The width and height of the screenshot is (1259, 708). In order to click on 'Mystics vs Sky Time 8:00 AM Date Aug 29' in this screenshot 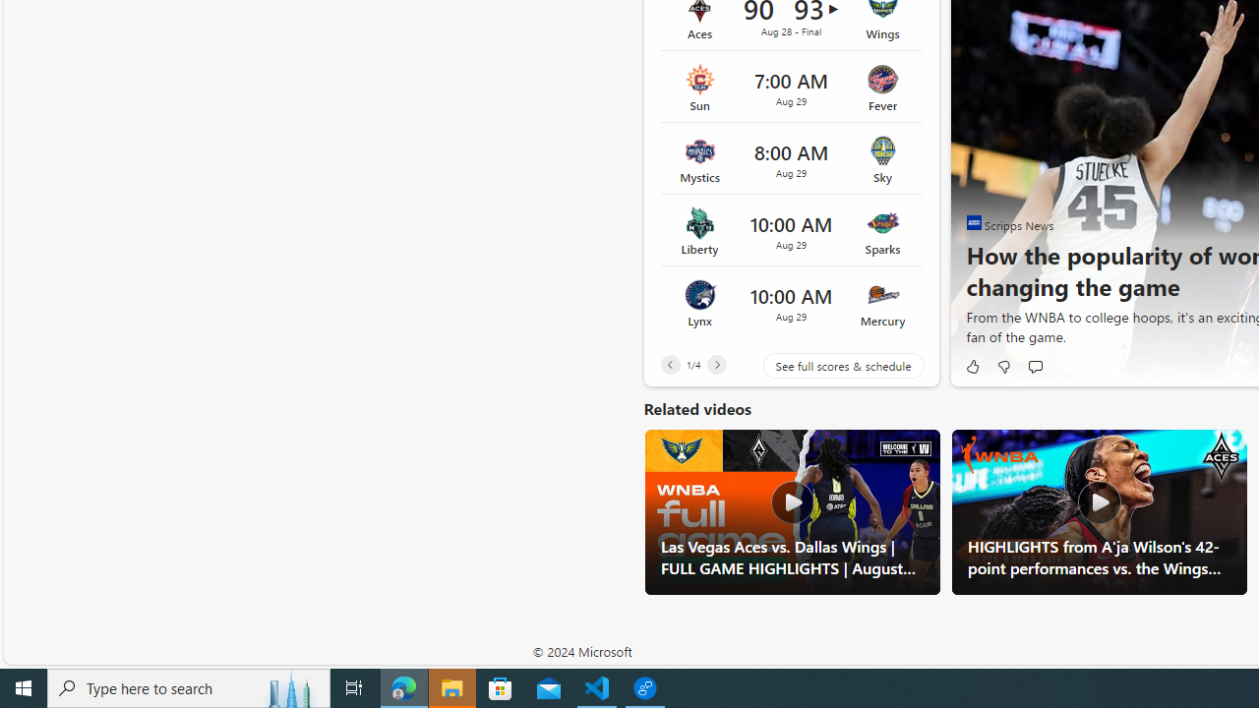, I will do `click(791, 158)`.